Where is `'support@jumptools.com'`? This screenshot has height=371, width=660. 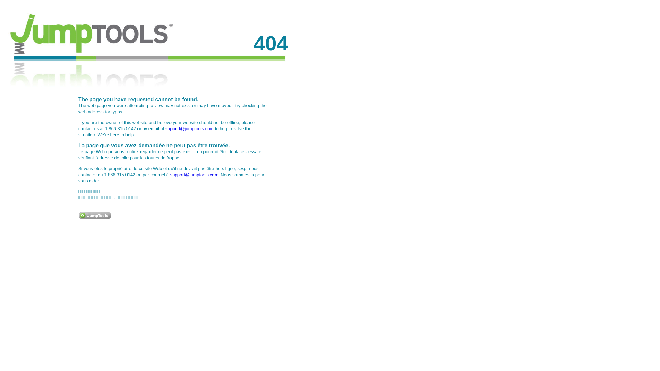 'support@jumptools.com' is located at coordinates (165, 128).